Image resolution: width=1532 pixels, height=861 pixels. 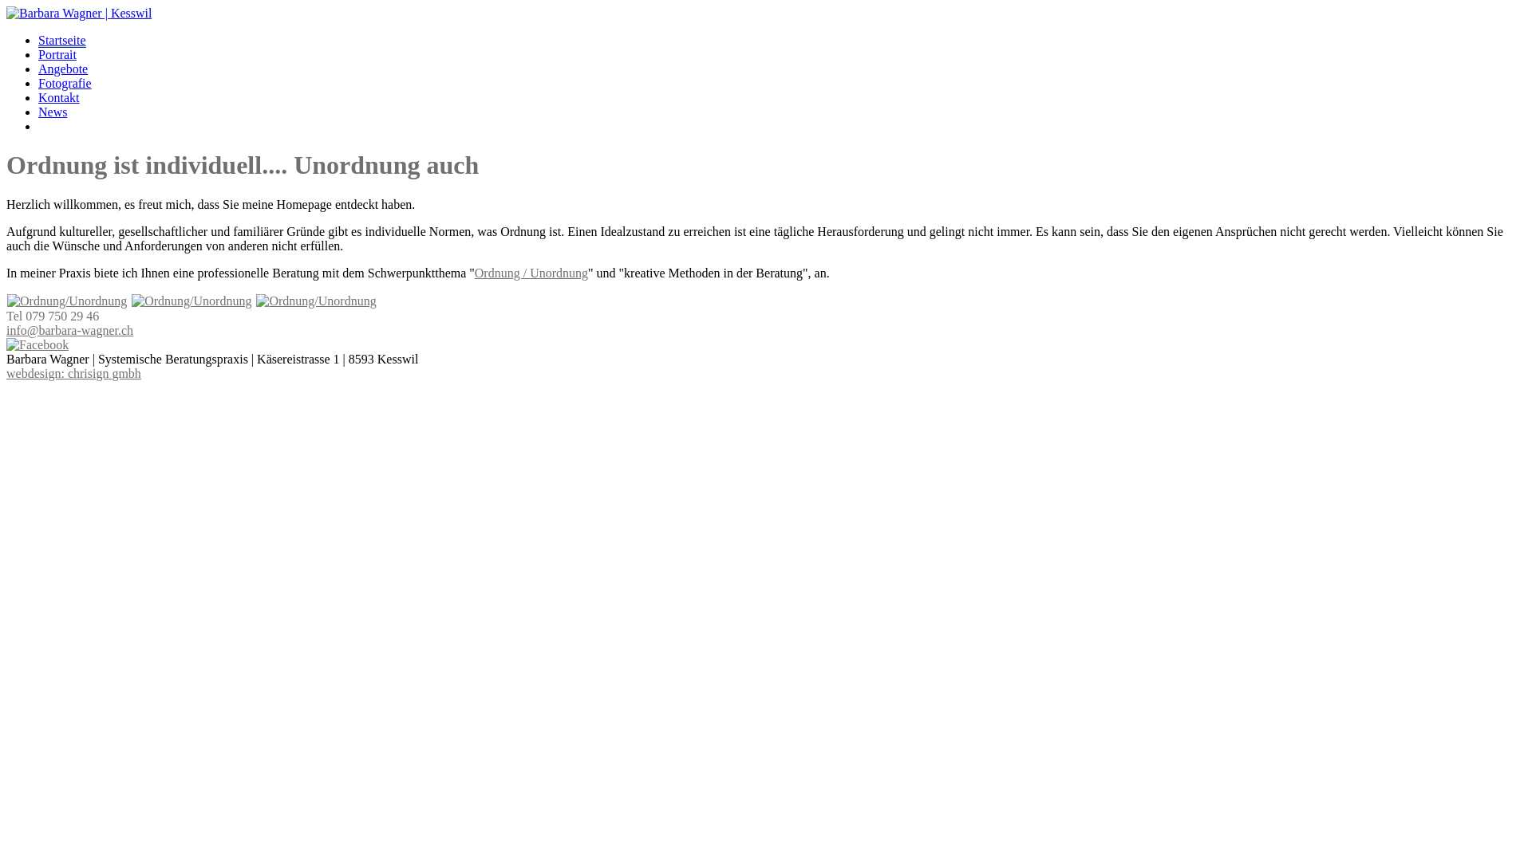 I want to click on 'Portrait', so click(x=38, y=53).